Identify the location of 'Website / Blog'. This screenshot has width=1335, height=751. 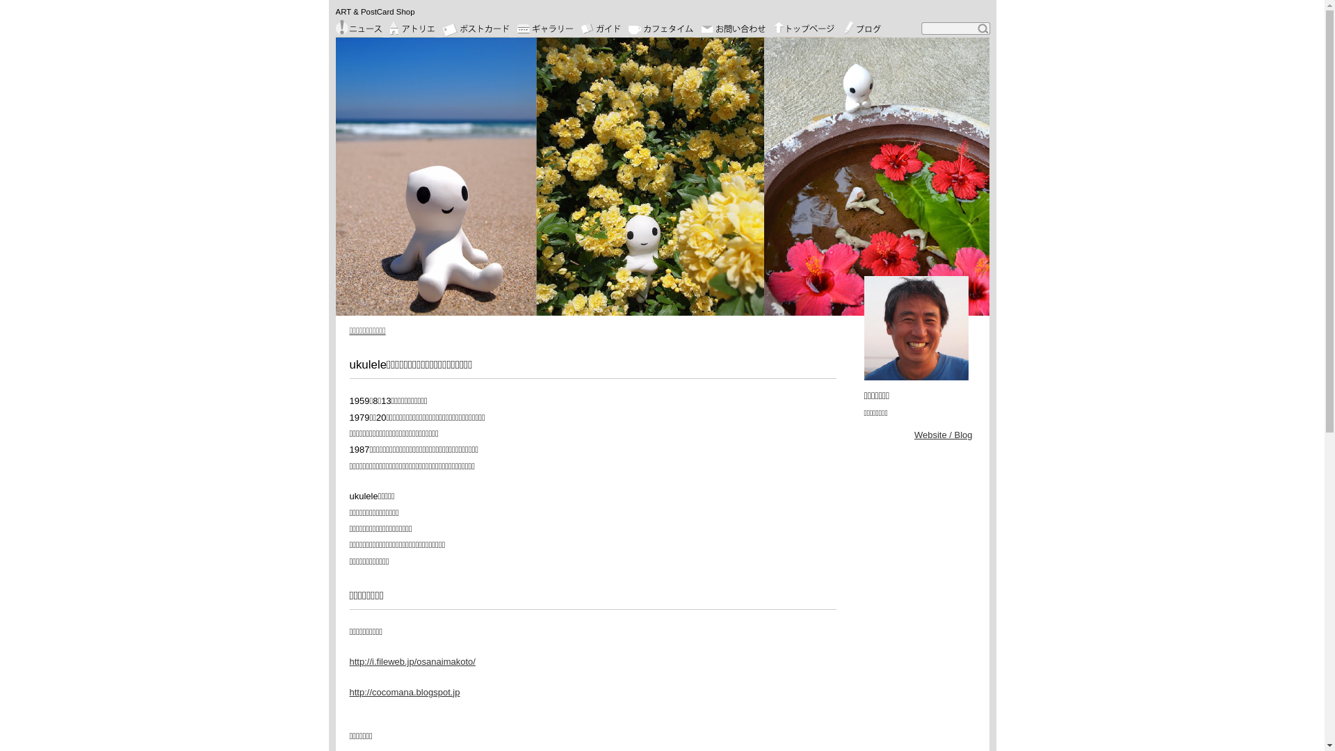
(944, 434).